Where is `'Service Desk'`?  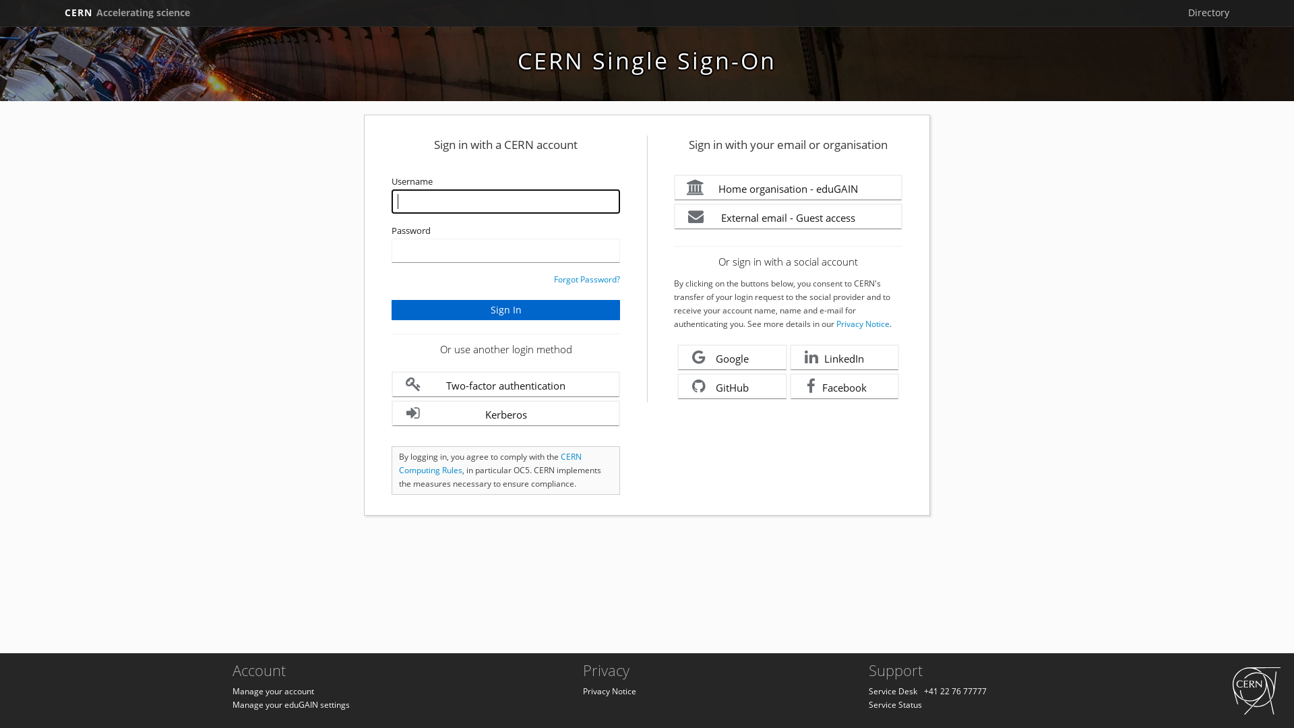 'Service Desk' is located at coordinates (892, 691).